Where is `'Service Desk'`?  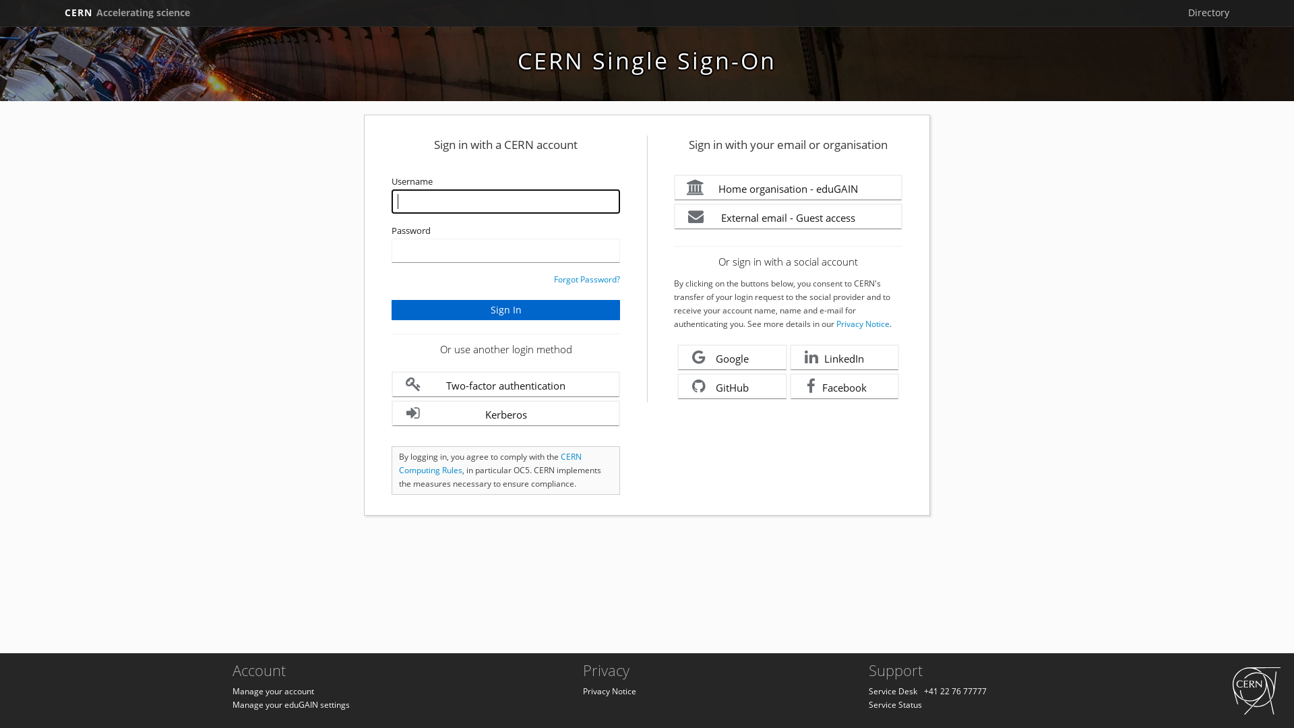 'Service Desk' is located at coordinates (892, 691).